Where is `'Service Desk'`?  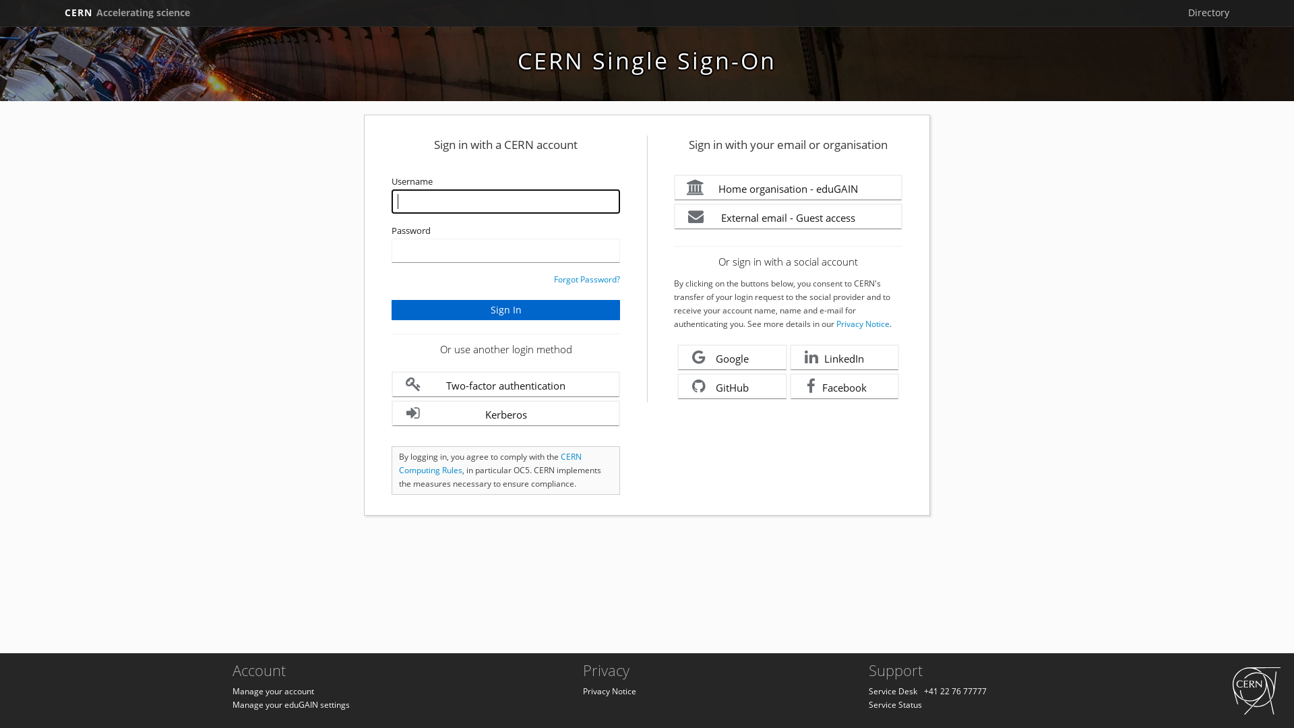 'Service Desk' is located at coordinates (892, 691).